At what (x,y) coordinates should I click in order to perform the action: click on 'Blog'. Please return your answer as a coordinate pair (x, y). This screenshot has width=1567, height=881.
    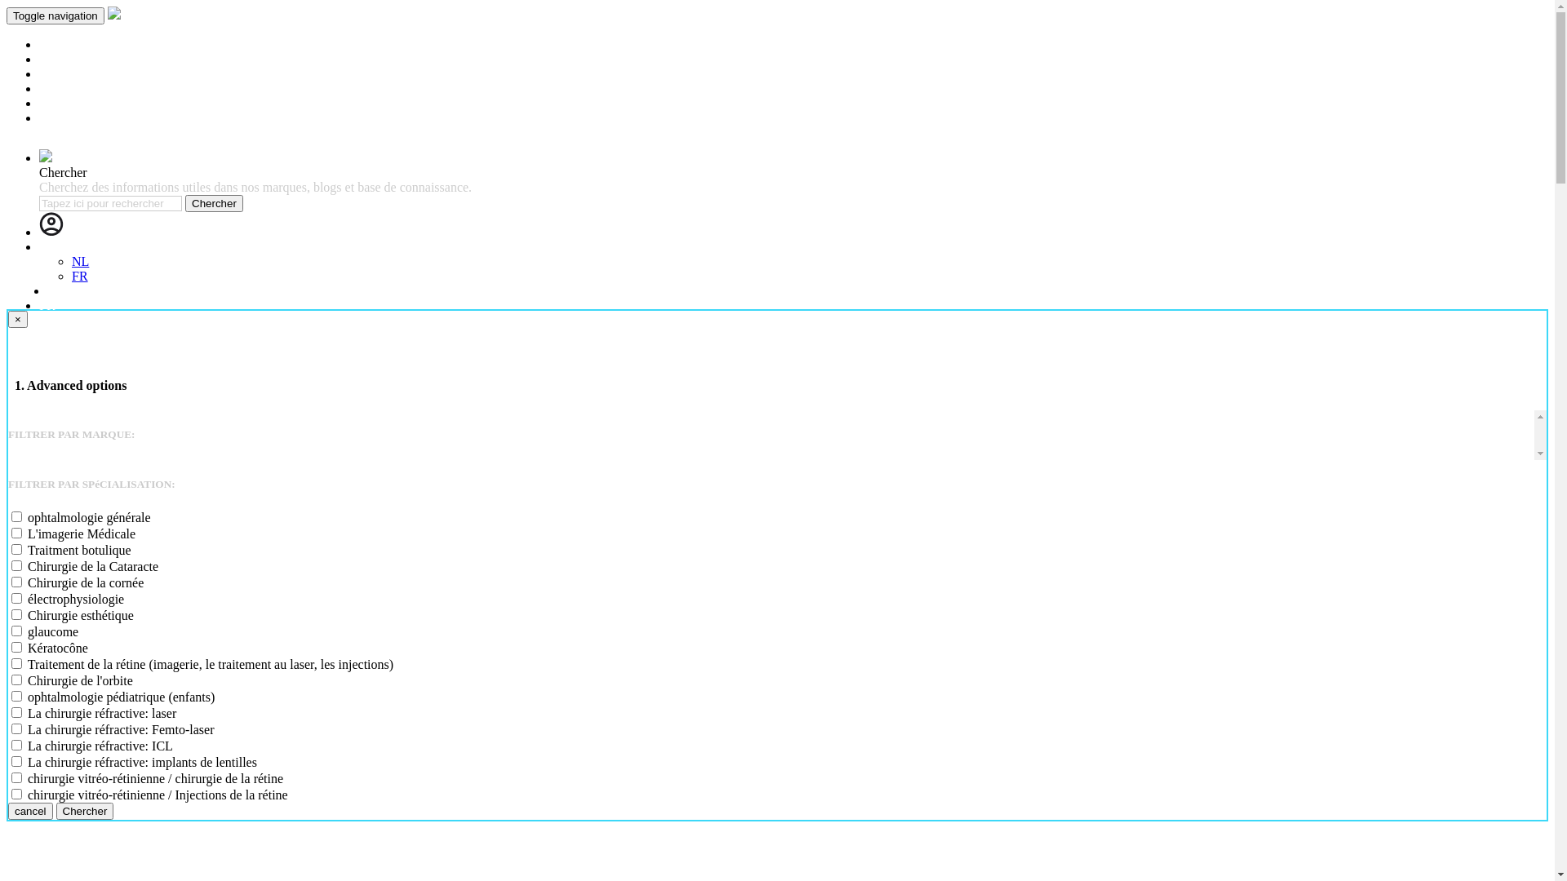
    Looking at the image, I should click on (39, 88).